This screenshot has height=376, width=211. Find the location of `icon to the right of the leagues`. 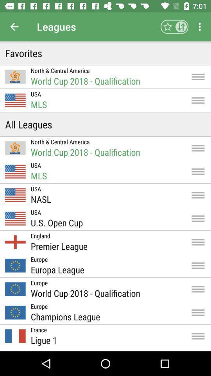

icon to the right of the leagues is located at coordinates (174, 27).